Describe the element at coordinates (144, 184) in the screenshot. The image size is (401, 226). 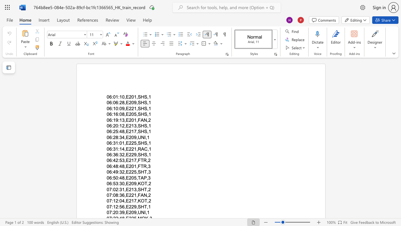
I see `the subset text "T," within the text "06:53:30,E209,KOT,2"` at that location.